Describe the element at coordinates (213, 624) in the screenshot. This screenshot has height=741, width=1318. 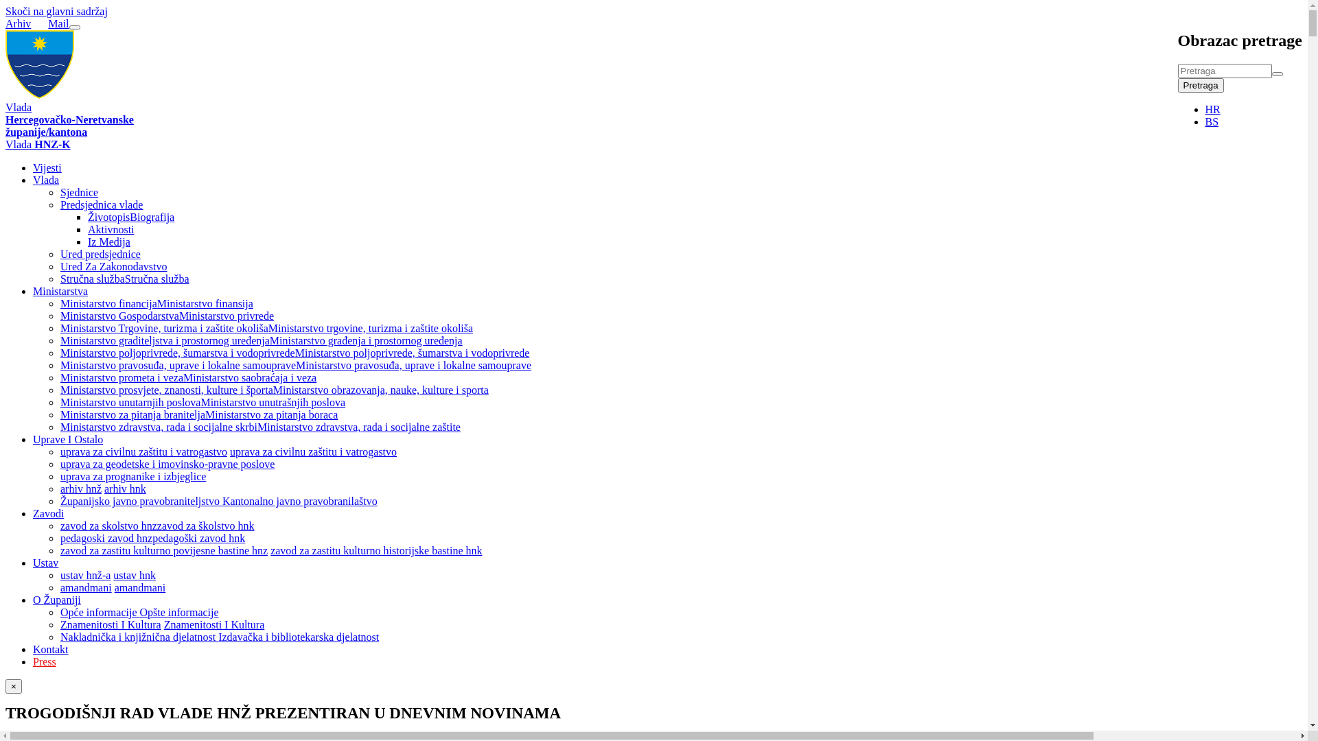
I see `'Znamenitosti I Kultura'` at that location.